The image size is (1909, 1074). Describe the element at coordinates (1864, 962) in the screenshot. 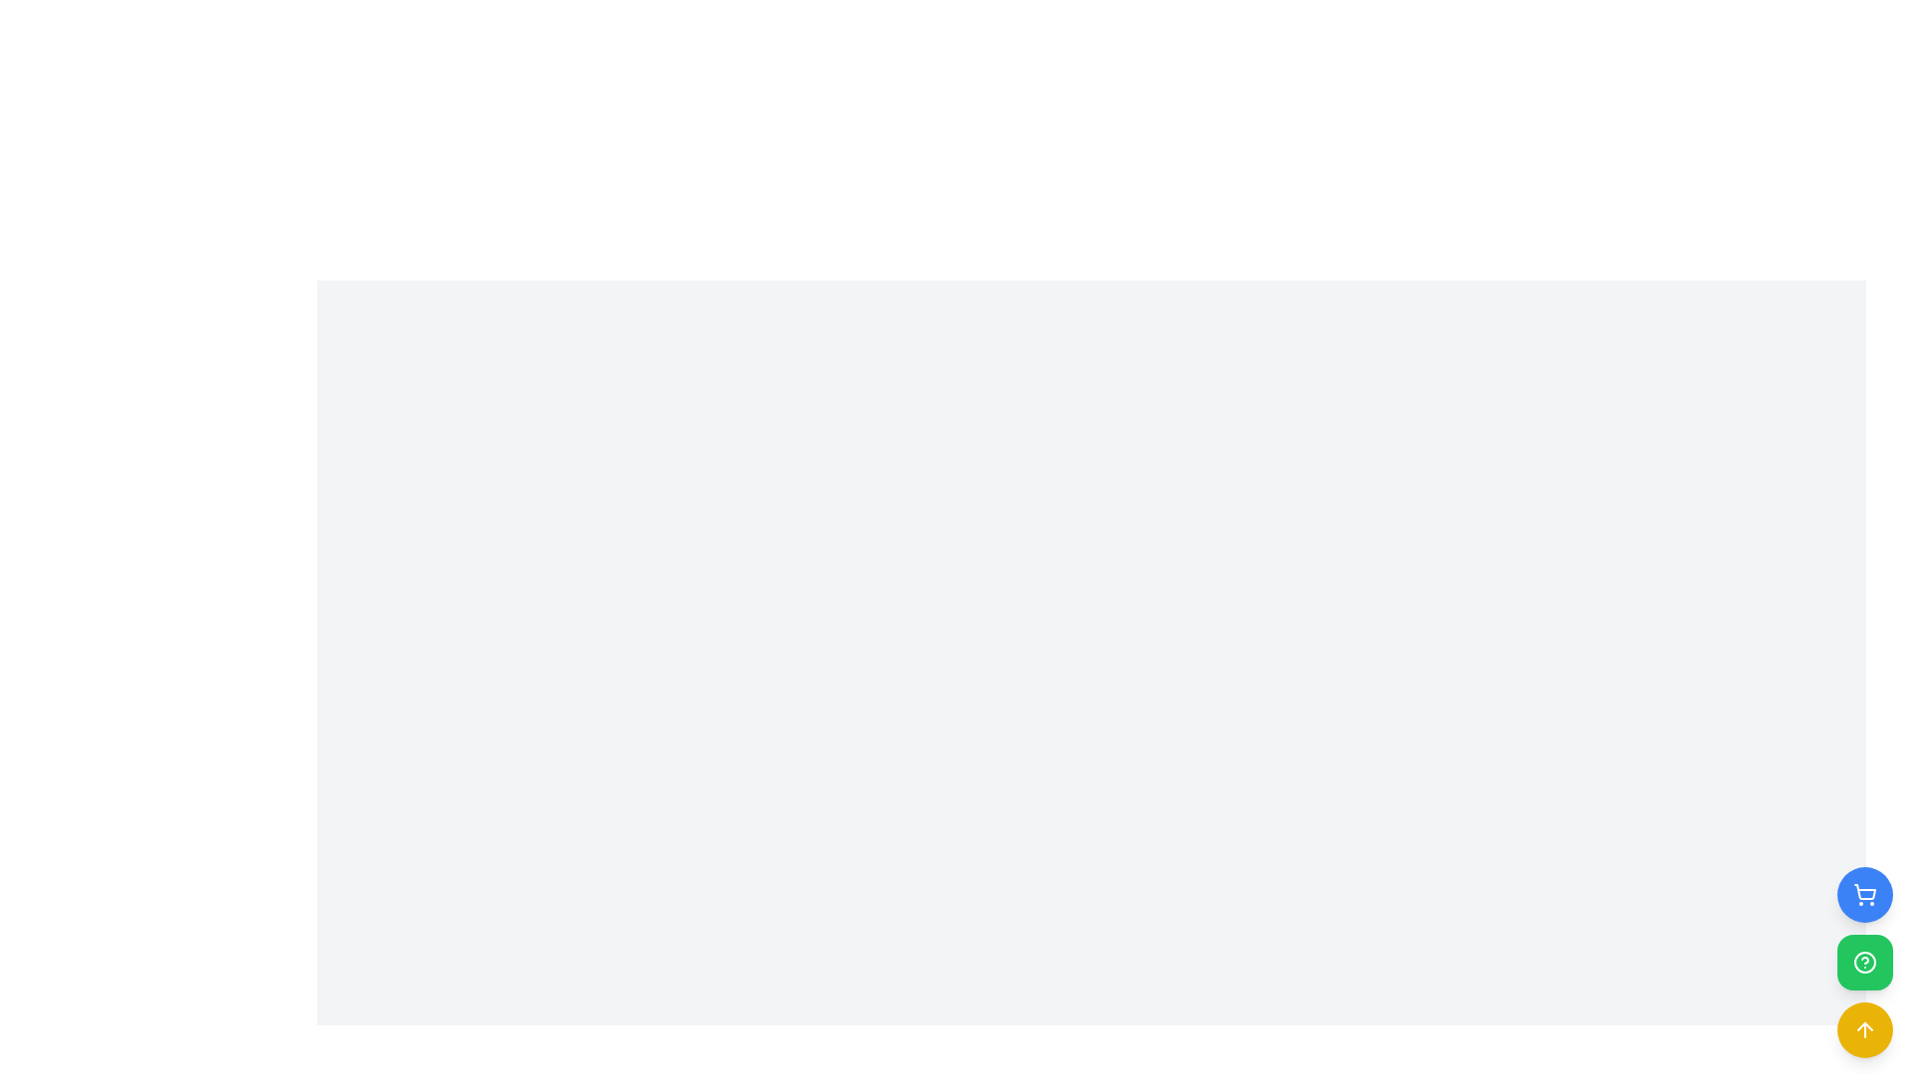

I see `the middle green button with a question mark icon` at that location.